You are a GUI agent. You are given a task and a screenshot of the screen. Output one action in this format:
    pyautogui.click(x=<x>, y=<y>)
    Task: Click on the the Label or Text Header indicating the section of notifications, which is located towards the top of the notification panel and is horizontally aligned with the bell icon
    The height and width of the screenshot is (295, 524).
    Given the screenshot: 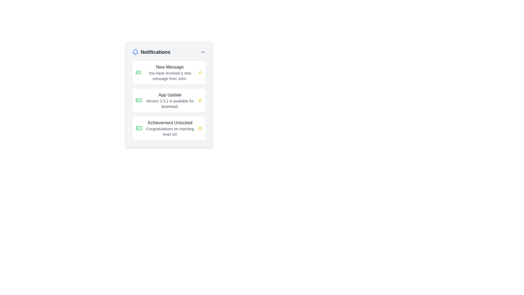 What is the action you would take?
    pyautogui.click(x=155, y=52)
    